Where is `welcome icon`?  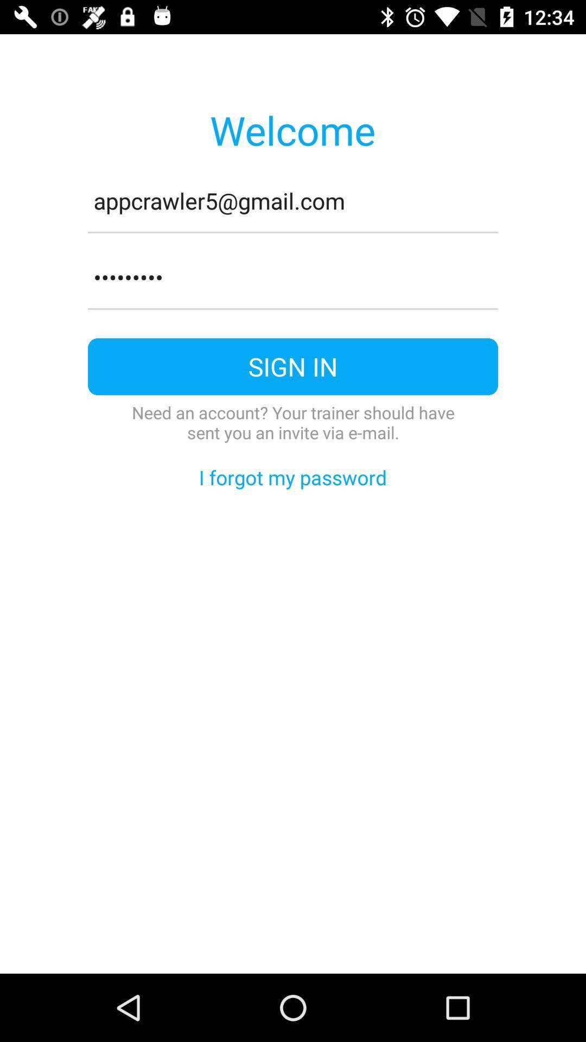 welcome icon is located at coordinates (292, 130).